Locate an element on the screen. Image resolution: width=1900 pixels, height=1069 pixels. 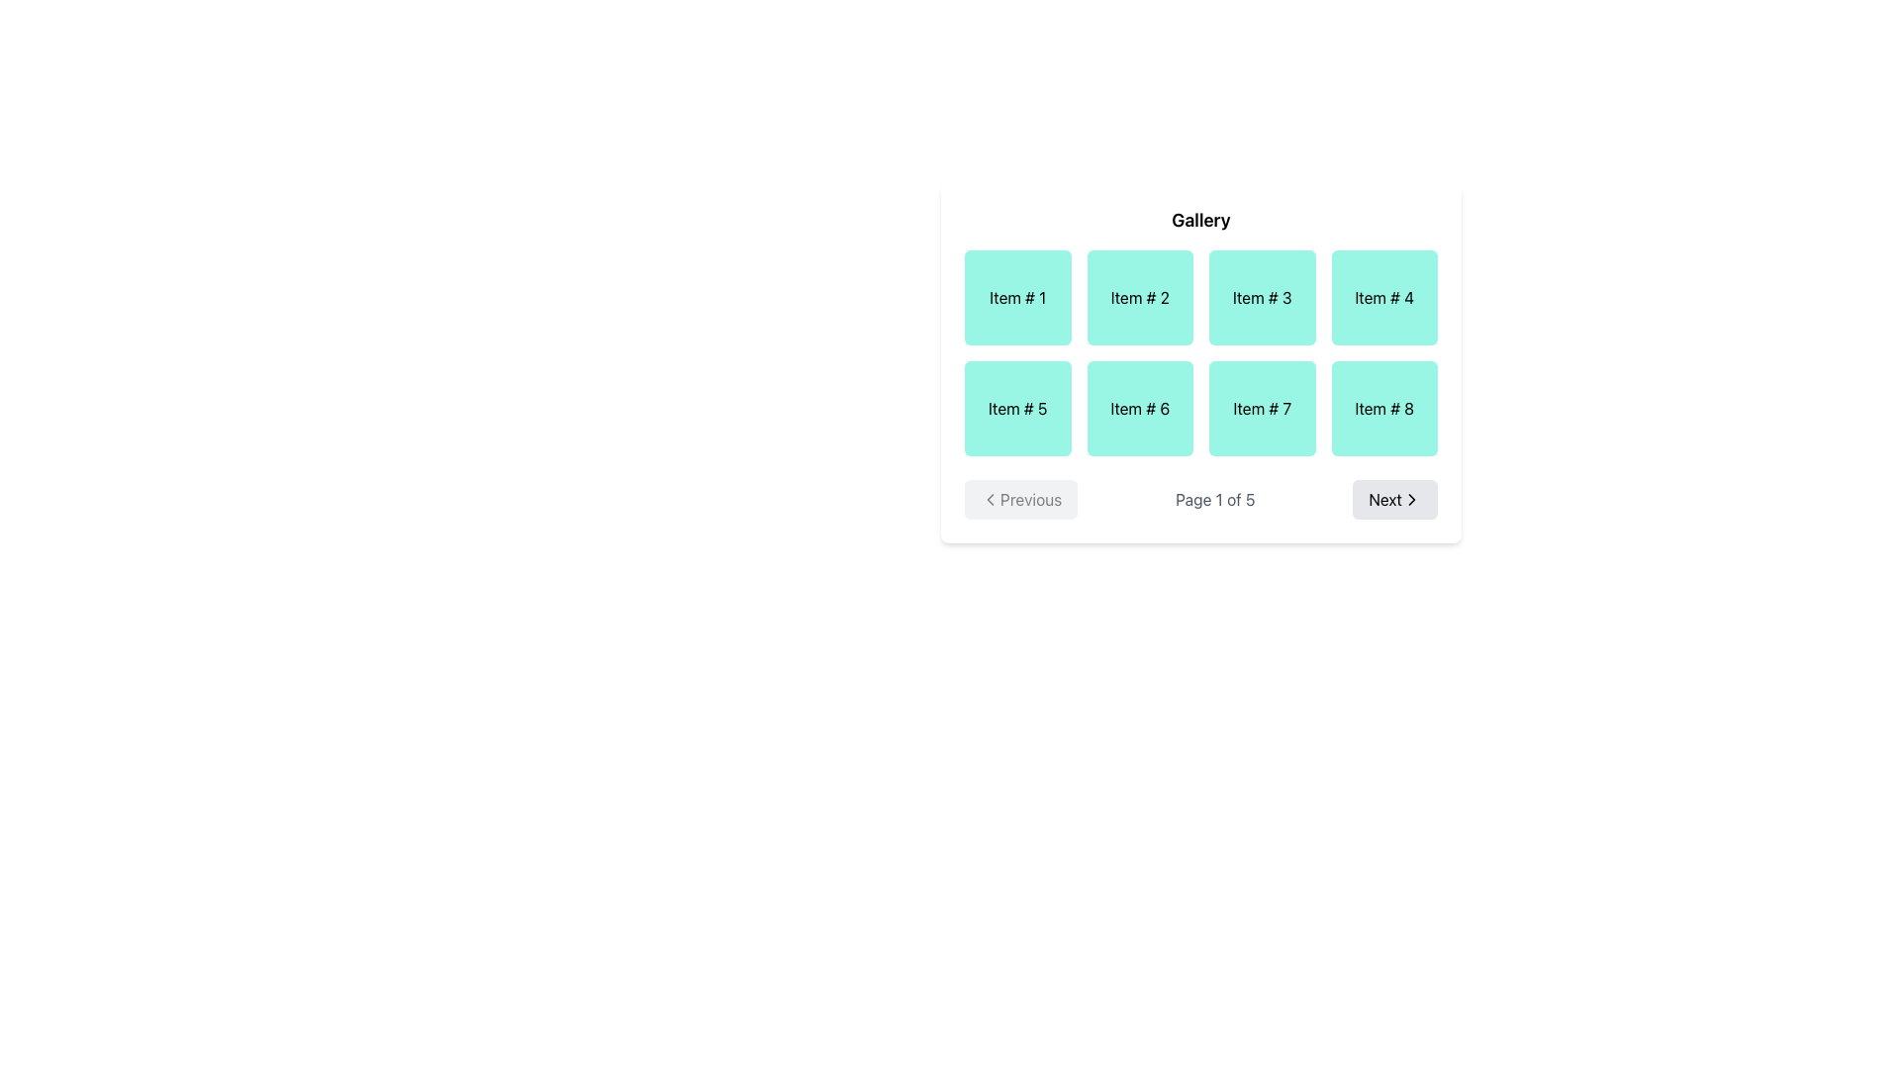
text from the label 'Item # 6' which is styled with black text on a light teal background and located in the second row, second column of the grid layout is located at coordinates (1140, 407).